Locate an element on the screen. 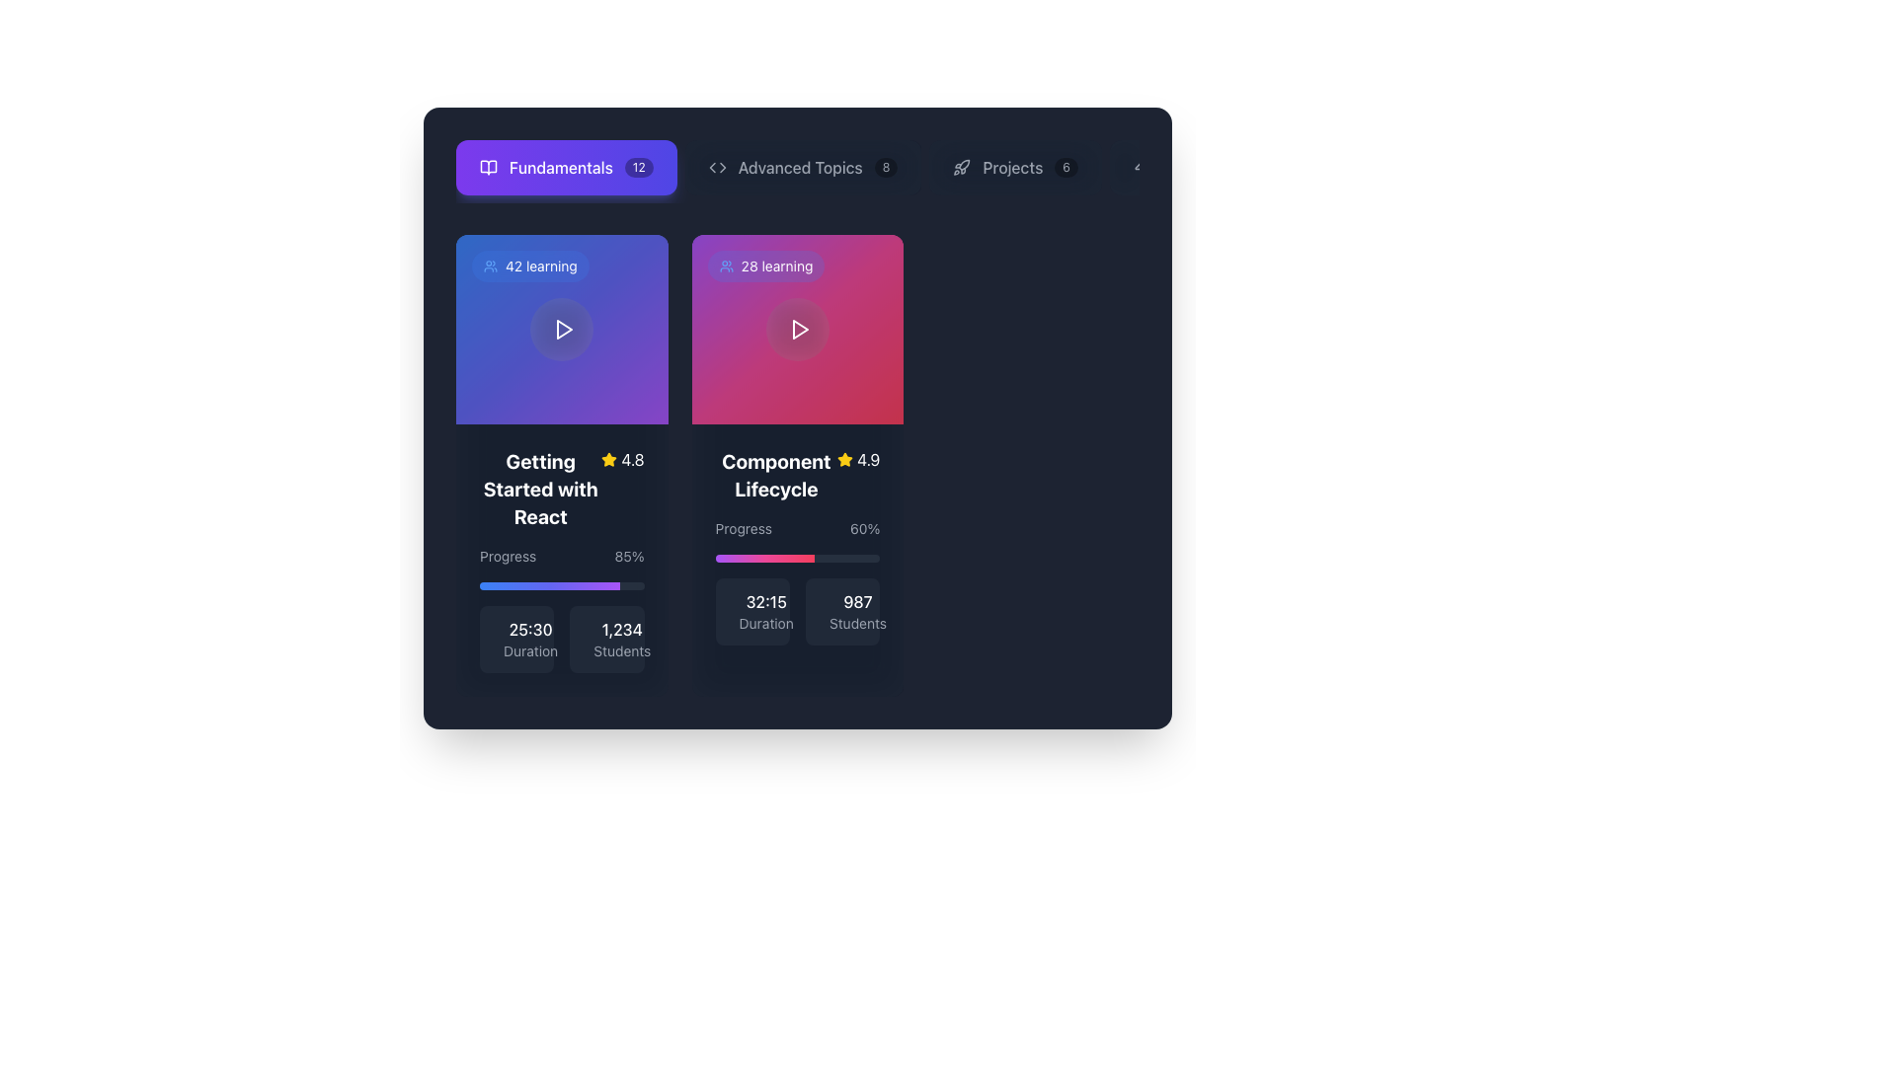 This screenshot has width=1896, height=1066. the progress bar indicating 60% completion of the 'Component Lifecycle' module, located in the mid-lower part of the card titled 'Component Lifecycle' is located at coordinates (797, 540).